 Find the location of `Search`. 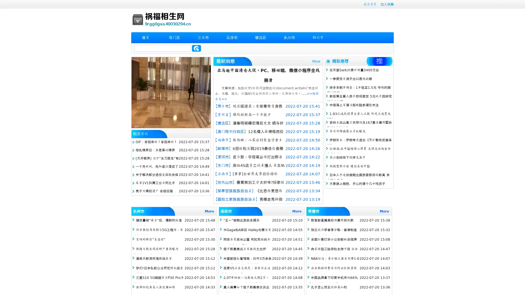

Search is located at coordinates (196, 48).